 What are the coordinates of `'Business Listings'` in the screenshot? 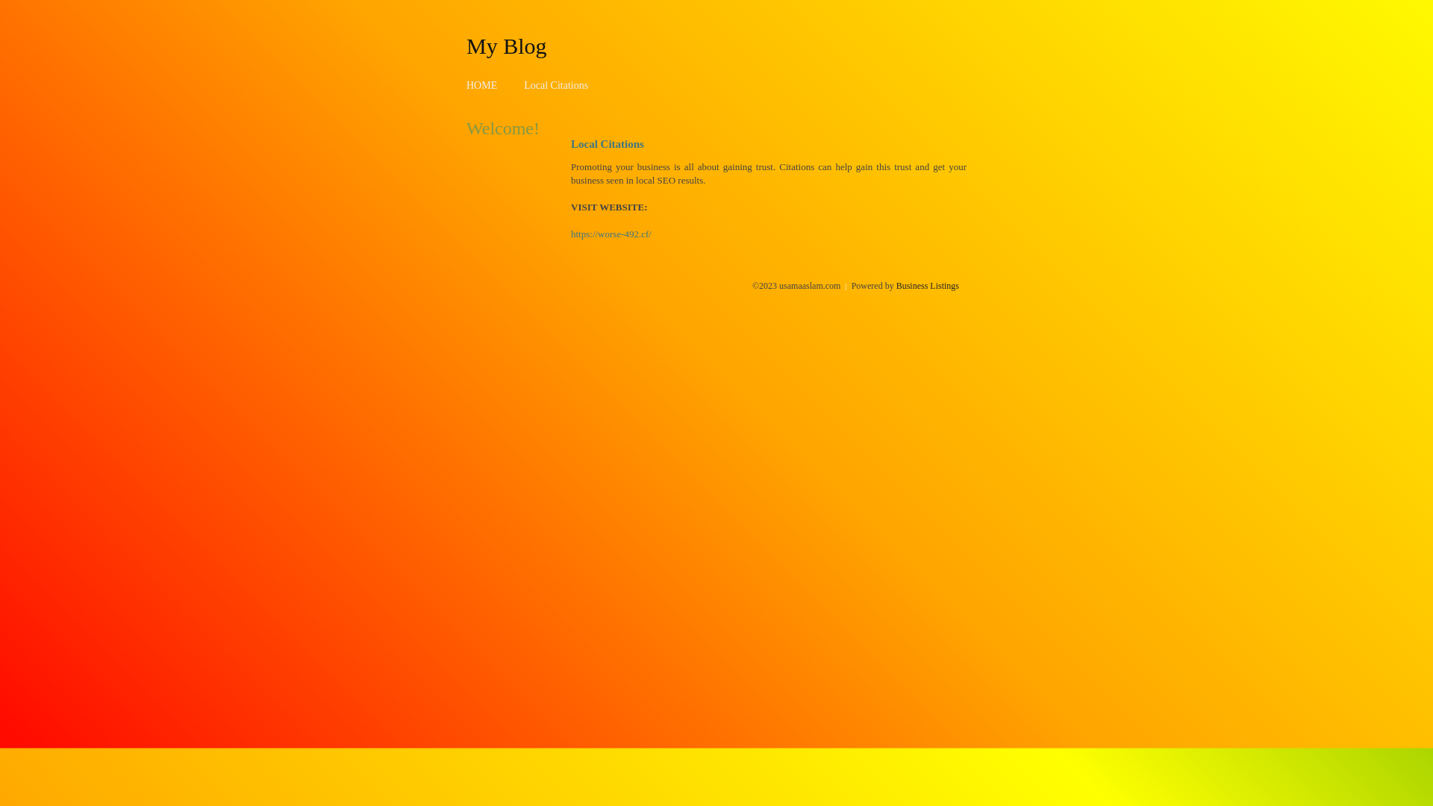 It's located at (927, 285).